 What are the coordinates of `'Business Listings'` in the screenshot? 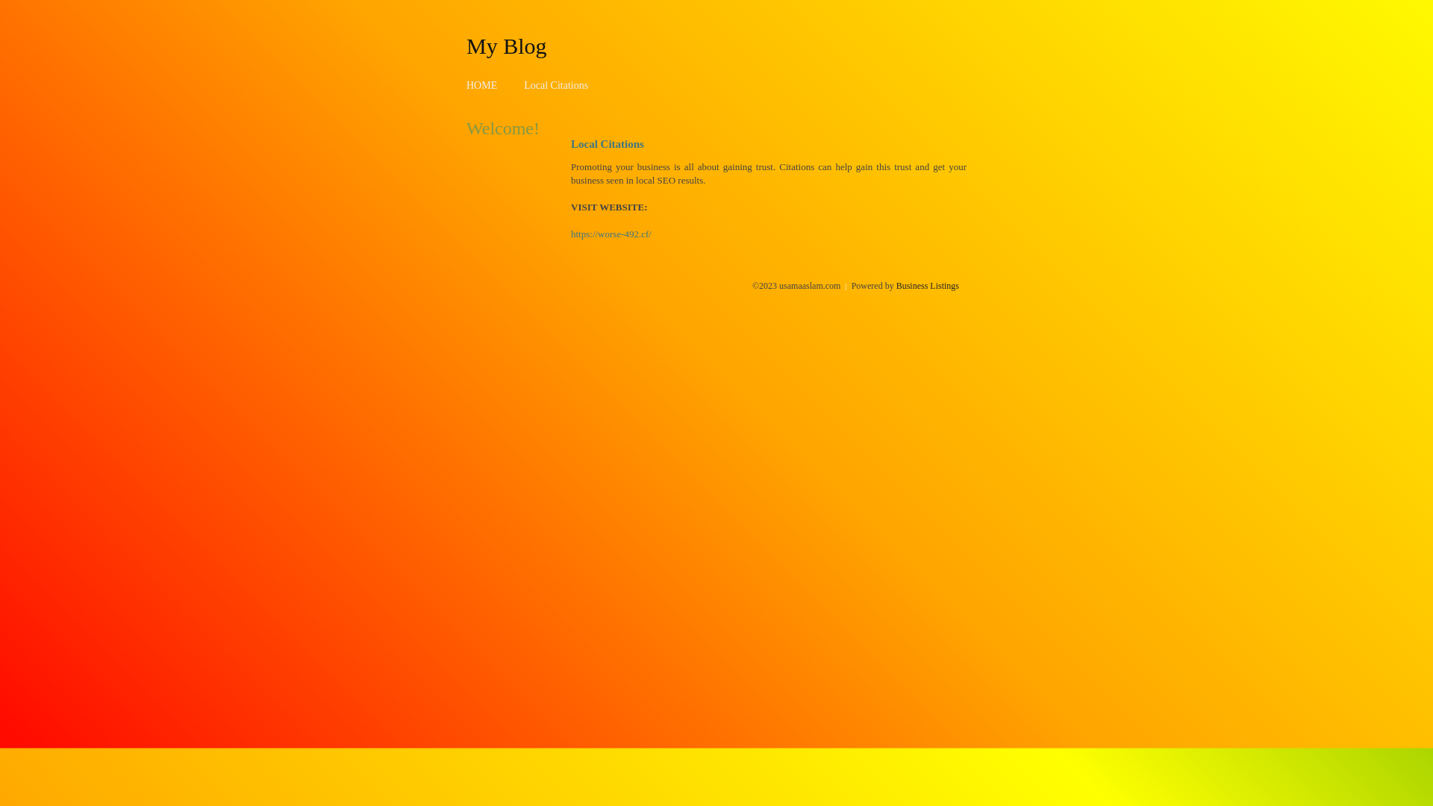 It's located at (927, 285).